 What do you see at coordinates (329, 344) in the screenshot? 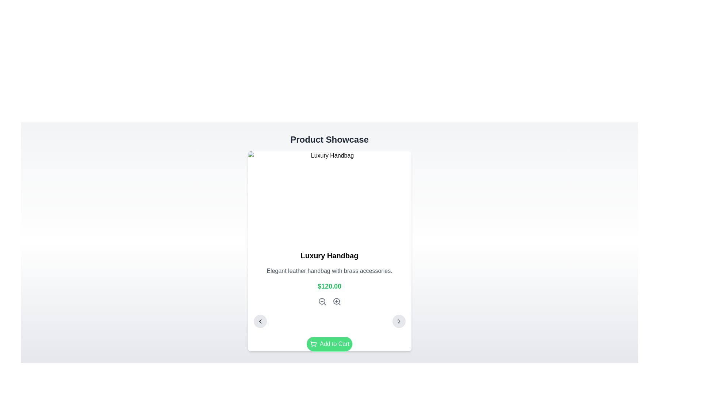
I see `the 'Add to Cart' button located at the bottom center of the product card layout` at bounding box center [329, 344].